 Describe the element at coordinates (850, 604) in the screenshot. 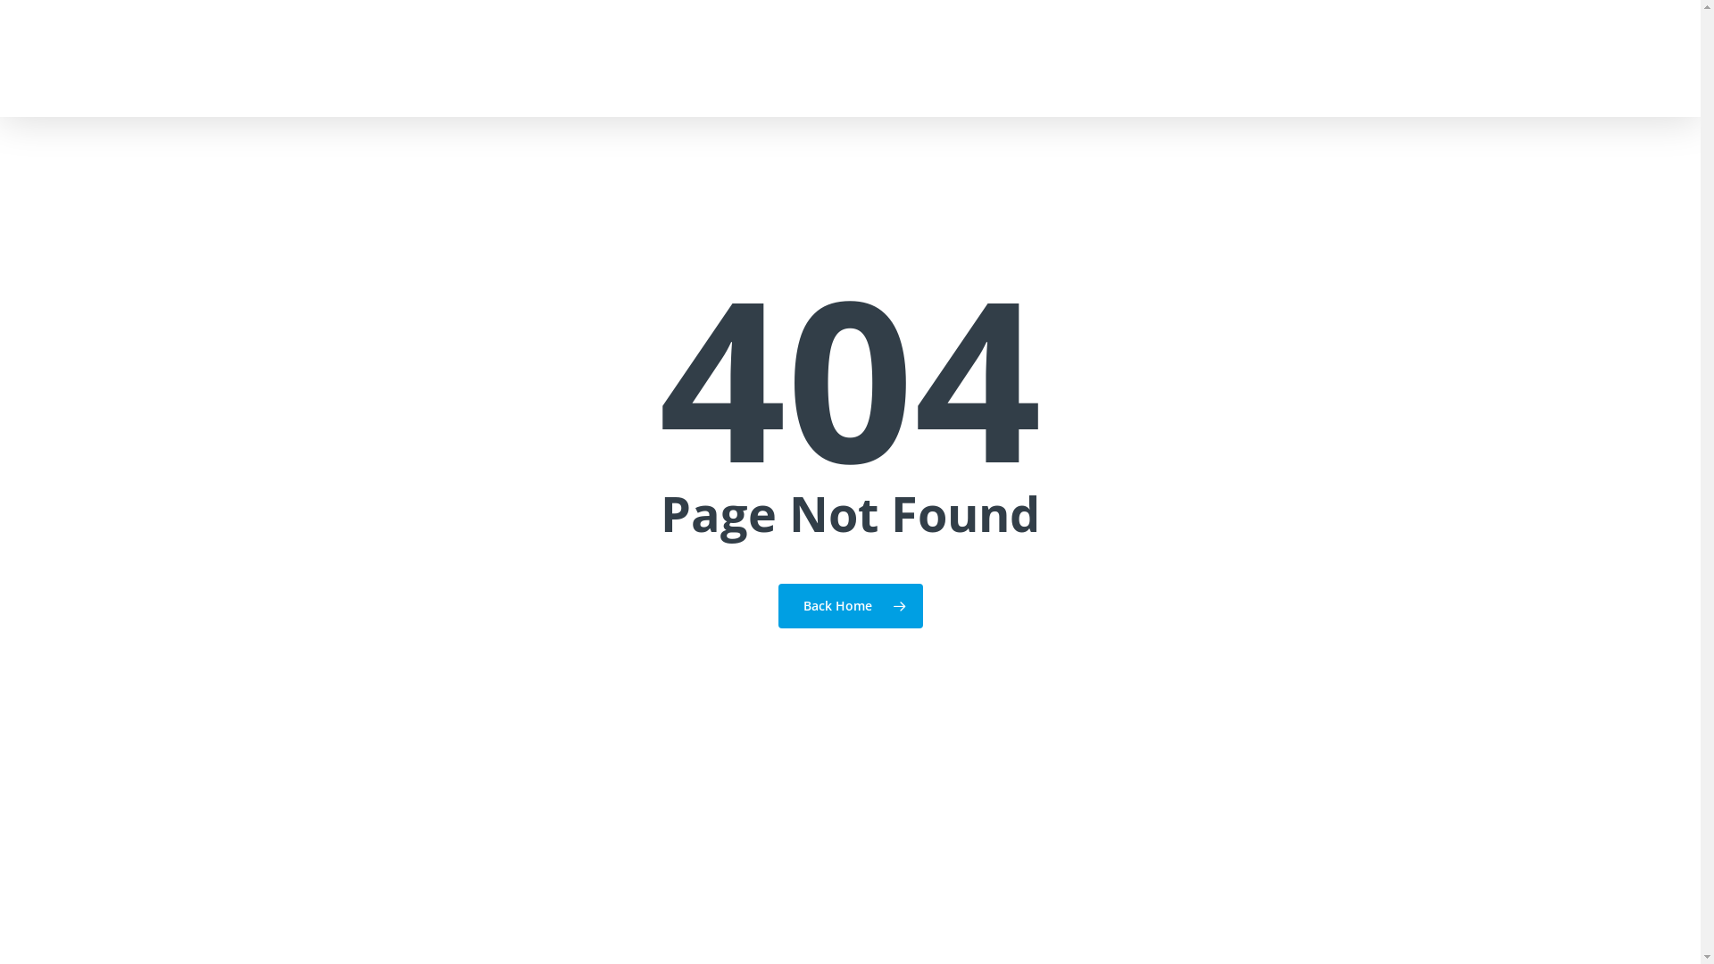

I see `'Back Home'` at that location.